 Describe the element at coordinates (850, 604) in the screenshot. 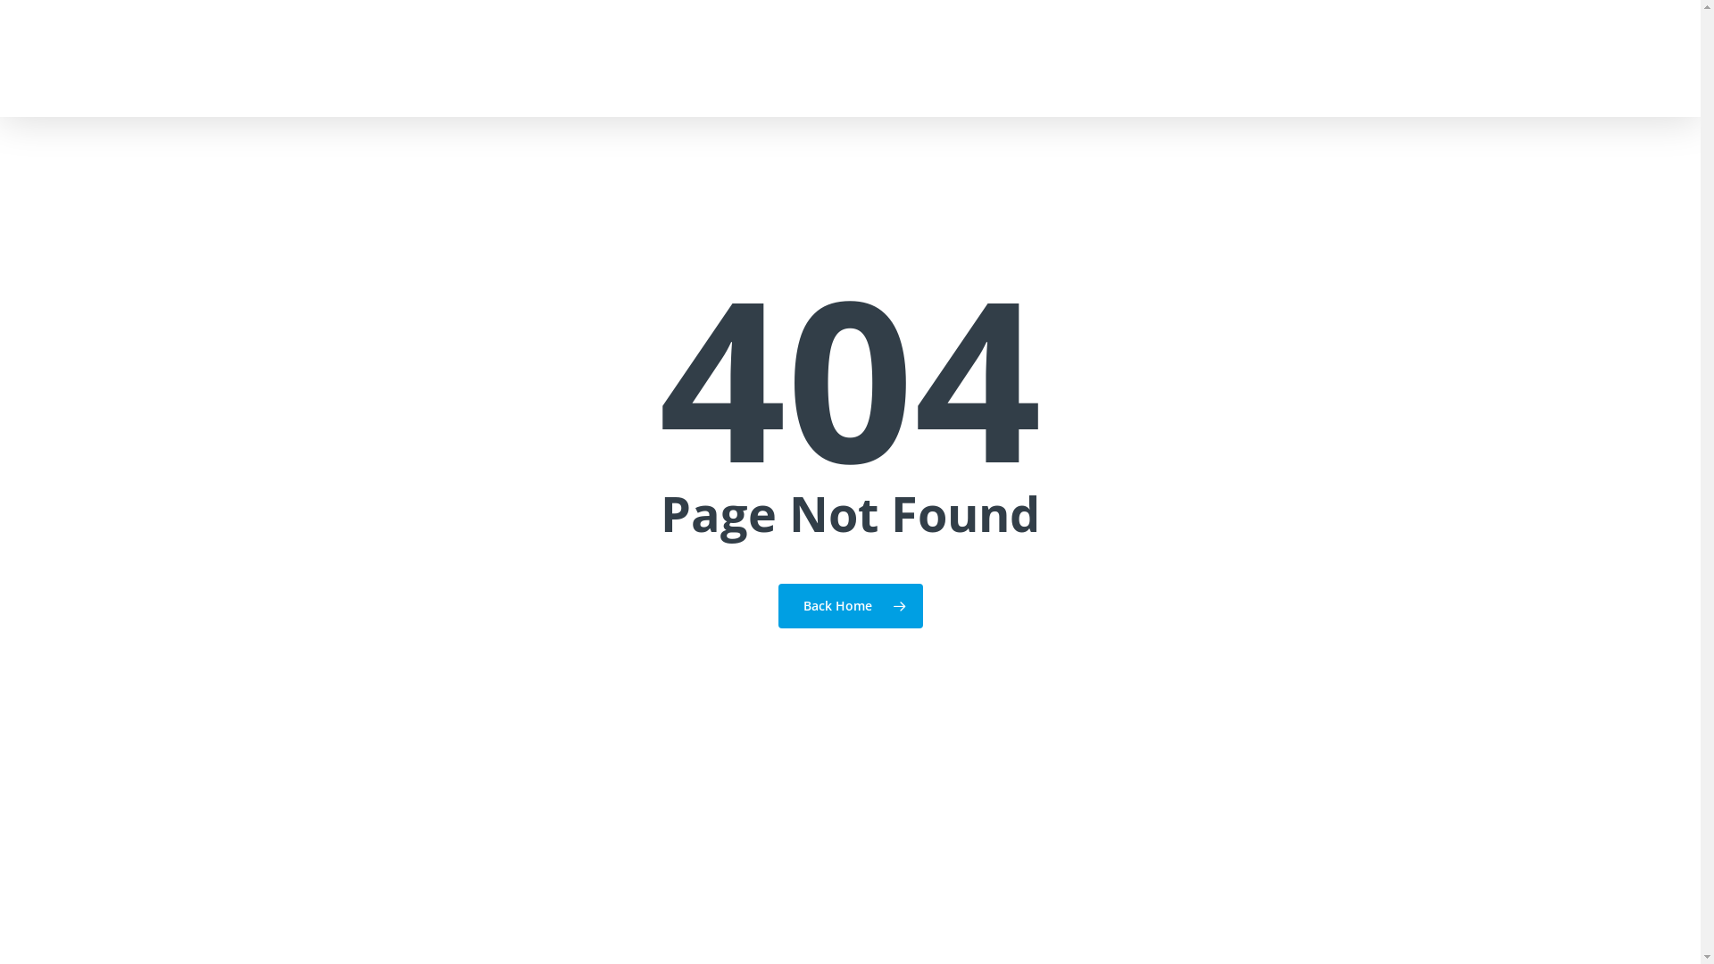

I see `'Back Home'` at that location.